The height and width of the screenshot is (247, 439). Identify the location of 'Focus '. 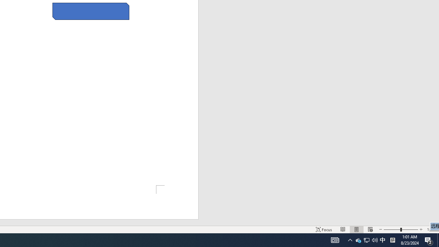
(323, 230).